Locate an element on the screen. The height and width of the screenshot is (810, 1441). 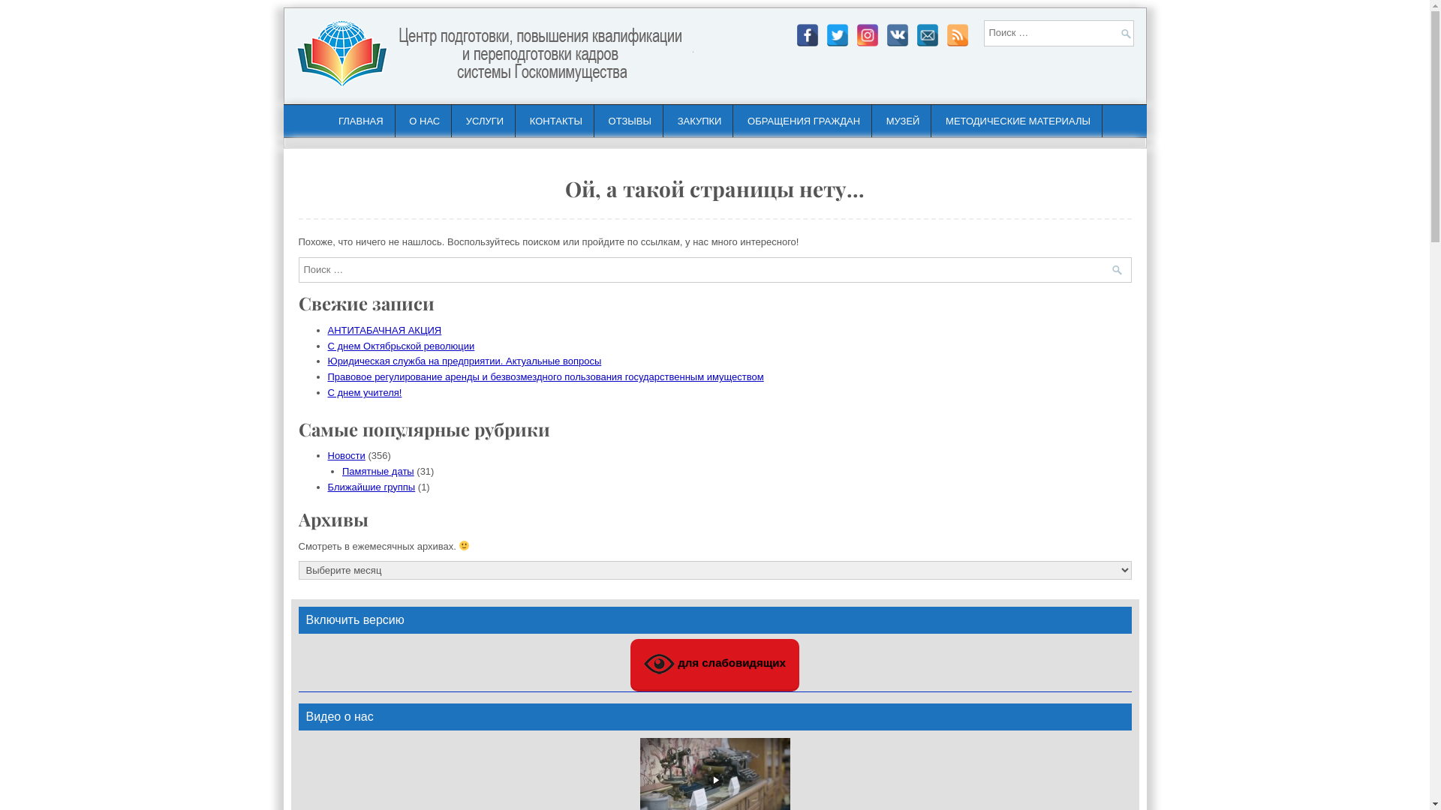
'VKontakte' is located at coordinates (897, 34).